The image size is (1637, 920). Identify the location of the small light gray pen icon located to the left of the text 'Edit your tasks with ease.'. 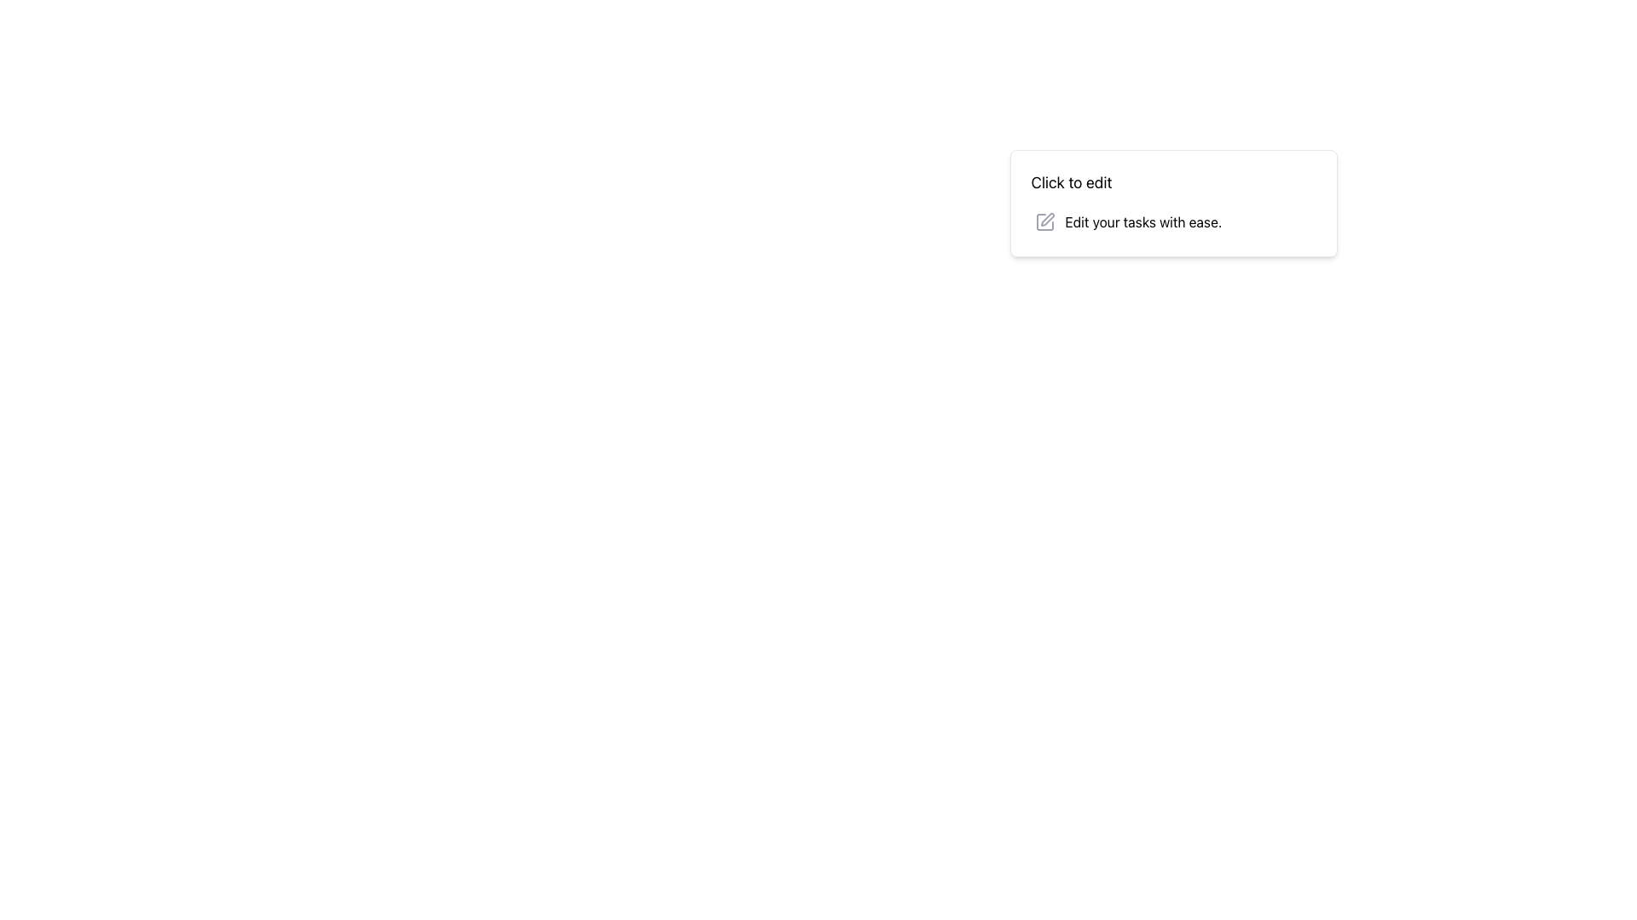
(1044, 221).